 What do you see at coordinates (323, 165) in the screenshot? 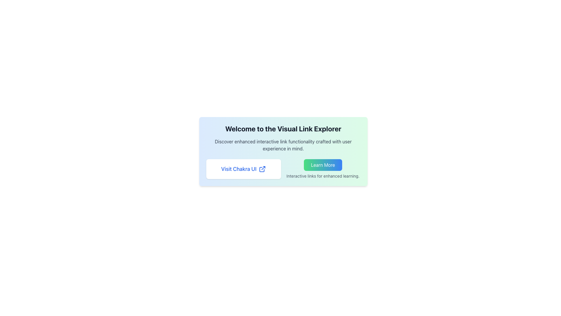
I see `the 'Learn More' button with a gradient background transitioning from green to blue` at bounding box center [323, 165].